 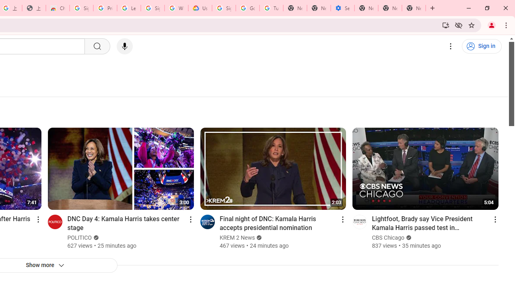 I want to click on 'Install YouTube', so click(x=445, y=25).